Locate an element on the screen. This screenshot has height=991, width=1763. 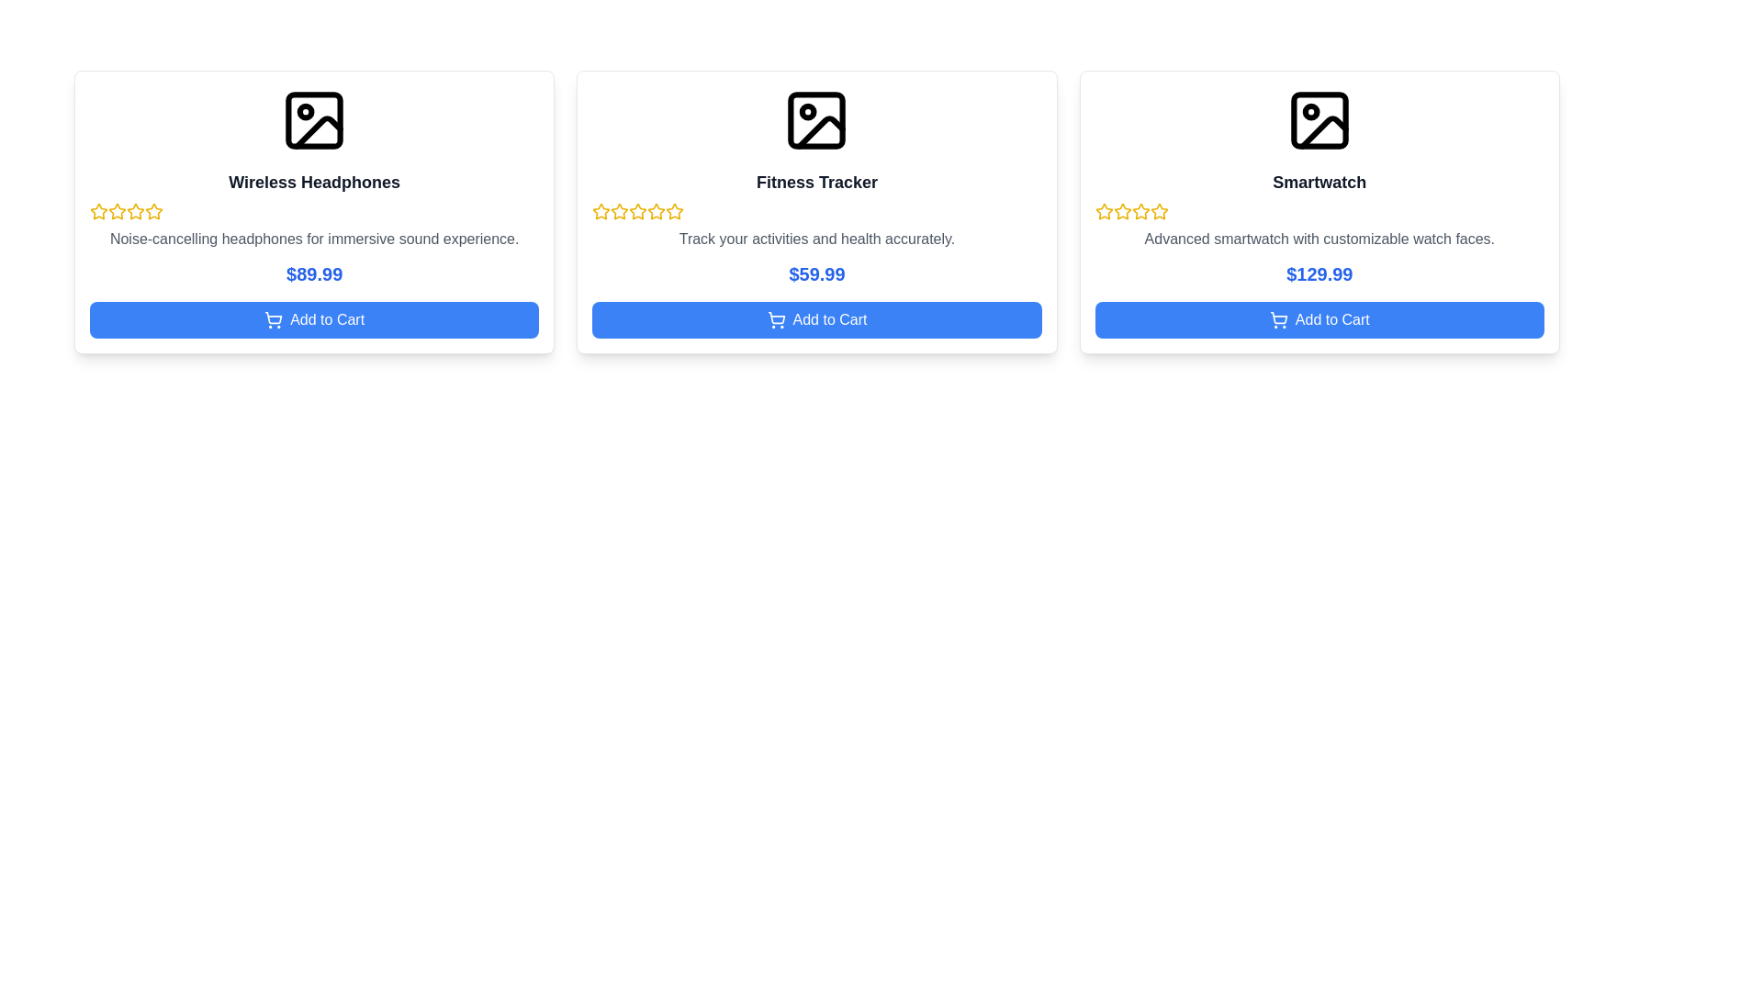
the diagonal line graphical element styled in black, part of the decorative icon at the top of the 'Smartwatch' product card is located at coordinates (1323, 130).